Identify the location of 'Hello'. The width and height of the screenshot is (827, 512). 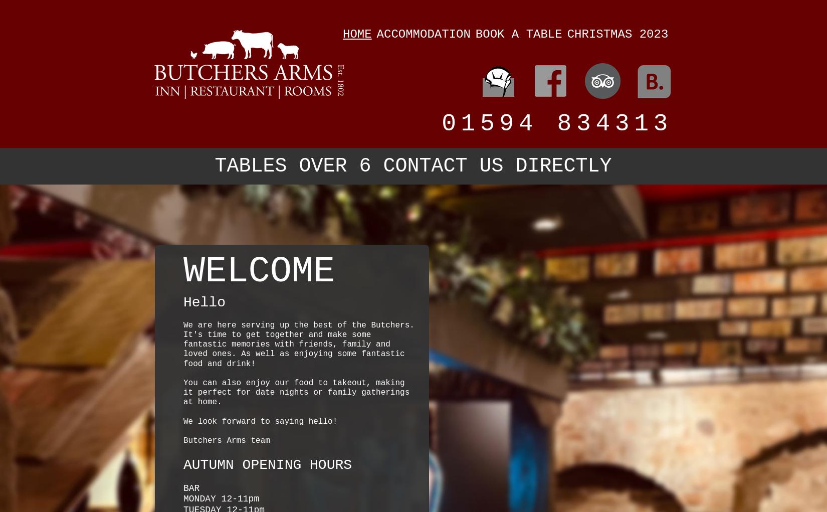
(183, 302).